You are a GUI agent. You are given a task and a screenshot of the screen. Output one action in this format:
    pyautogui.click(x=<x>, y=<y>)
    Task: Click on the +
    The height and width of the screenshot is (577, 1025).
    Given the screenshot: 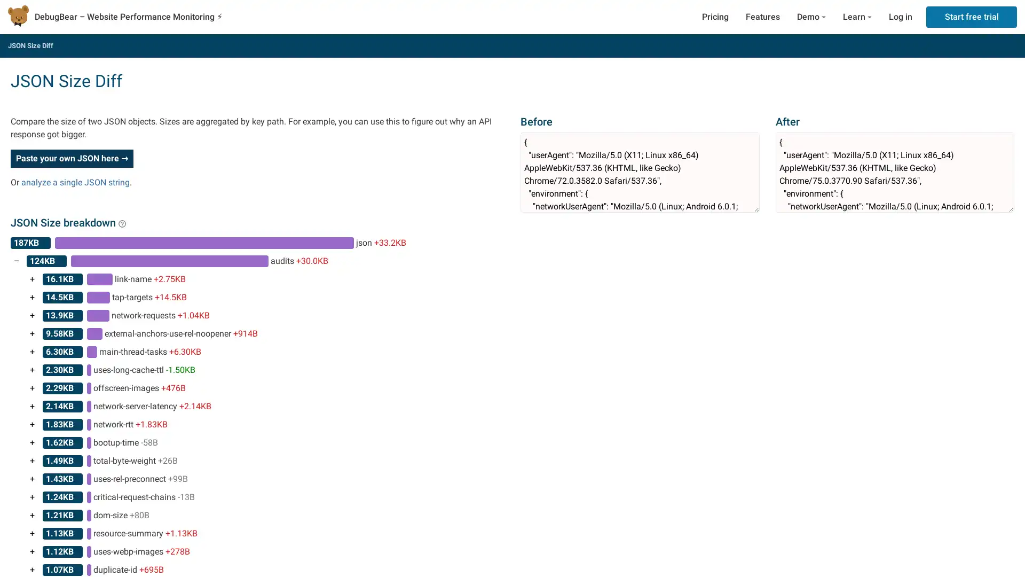 What is the action you would take?
    pyautogui.click(x=32, y=552)
    